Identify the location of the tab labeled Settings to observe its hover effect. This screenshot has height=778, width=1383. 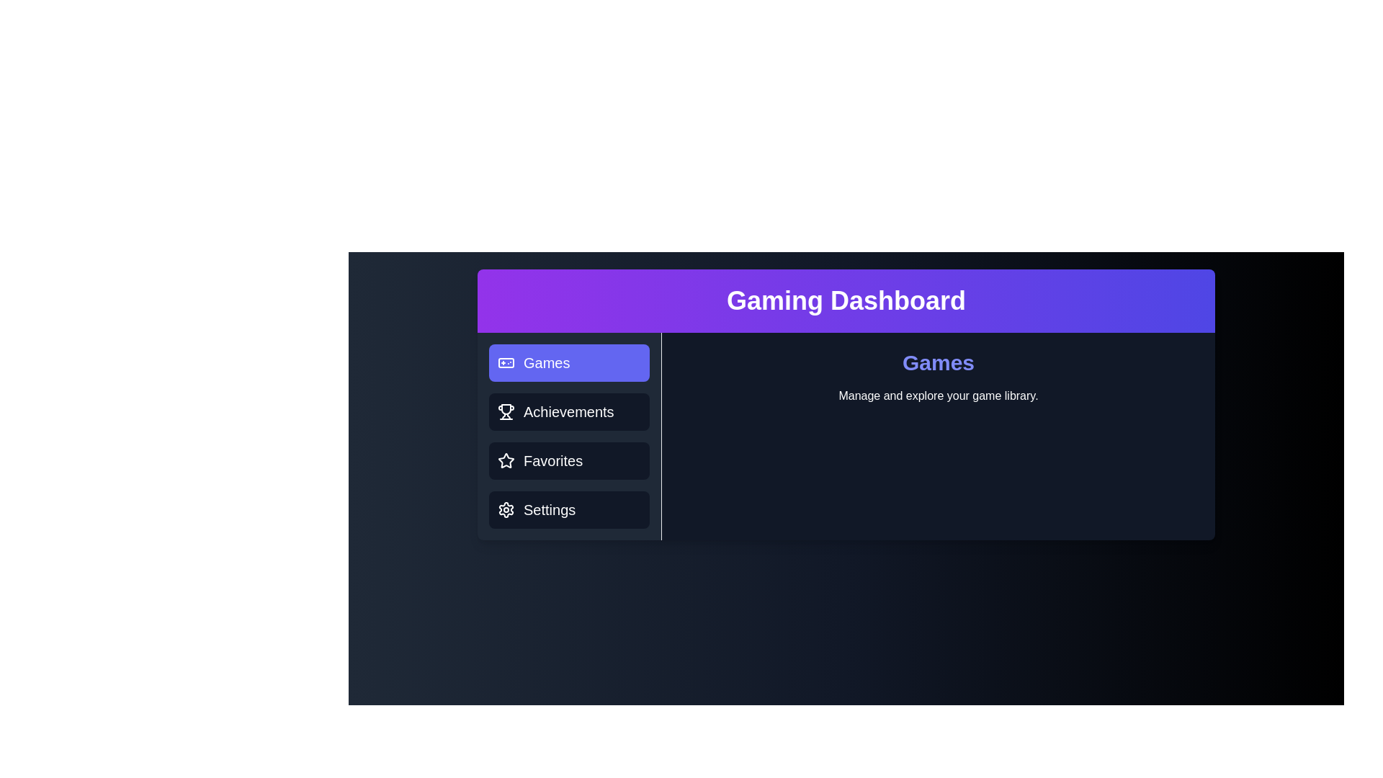
(568, 509).